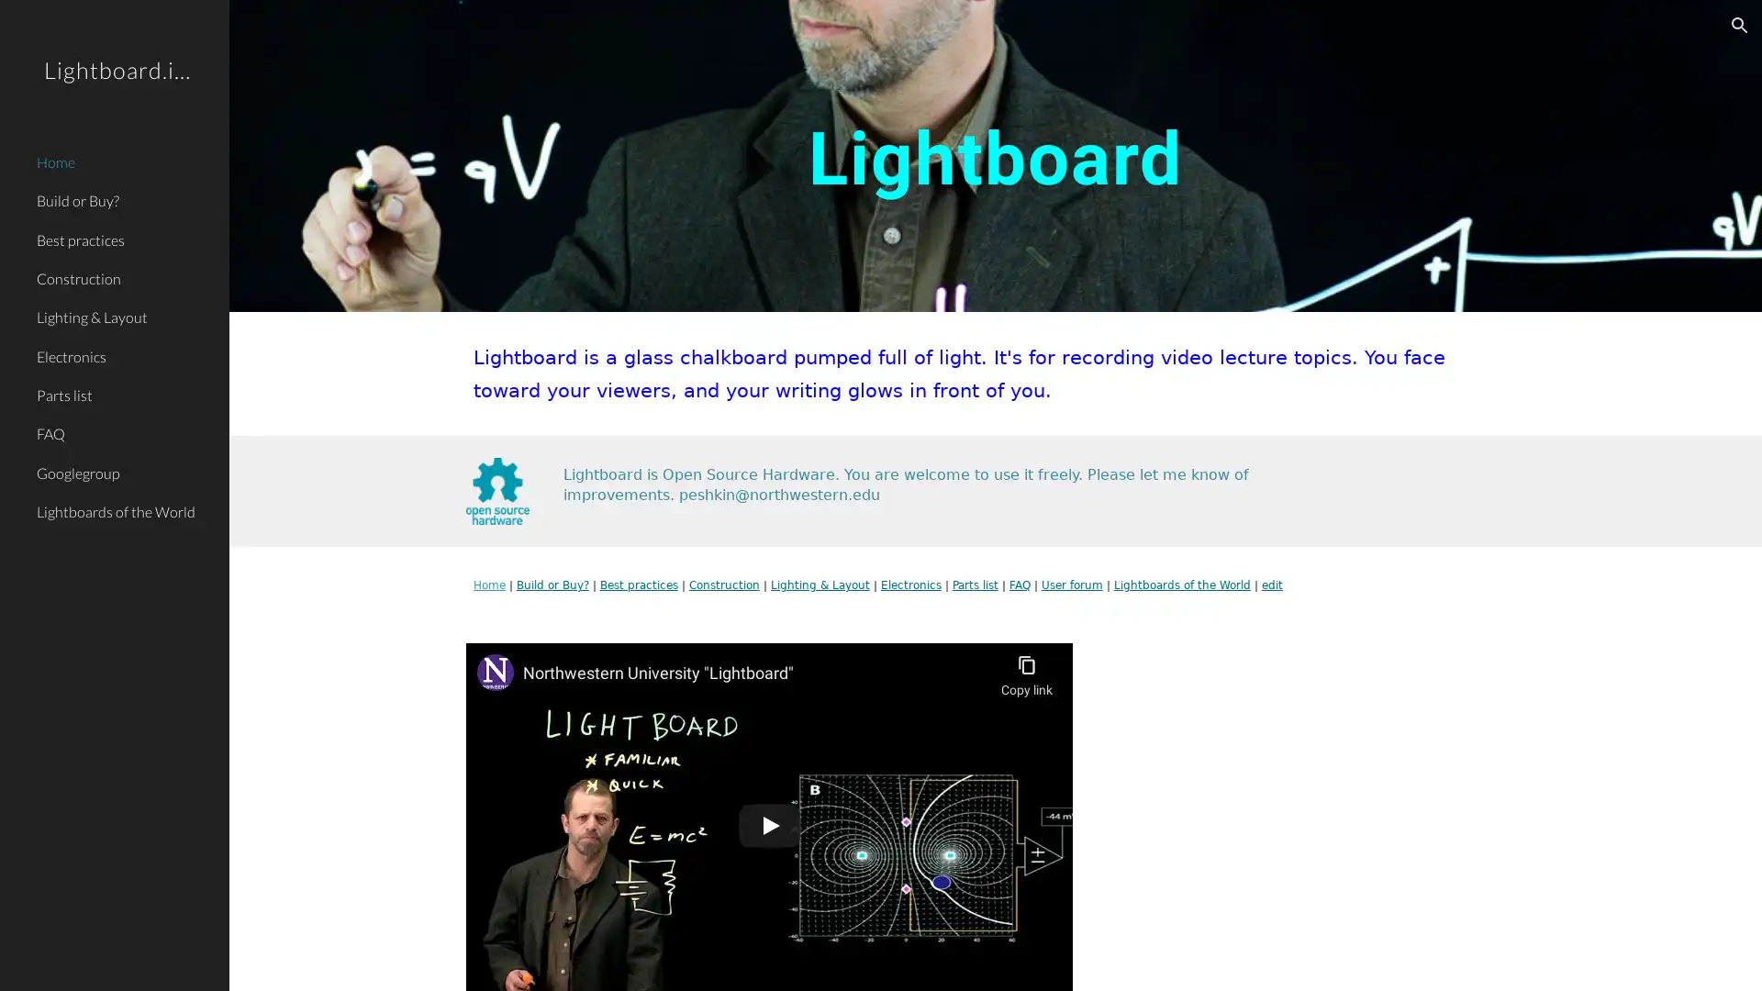 The image size is (1762, 991). What do you see at coordinates (372, 958) in the screenshot?
I see `Google Sites` at bounding box center [372, 958].